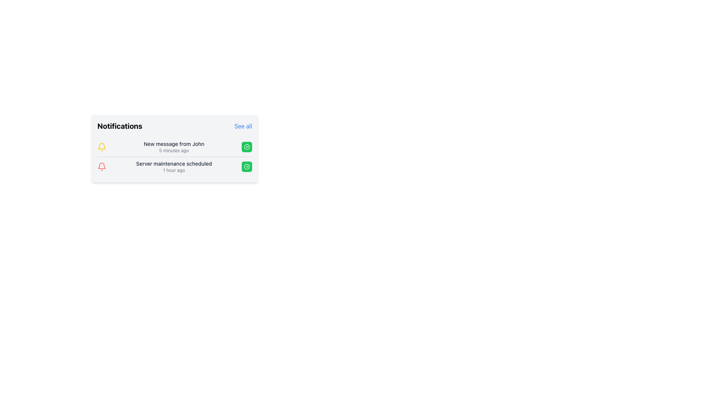  What do you see at coordinates (243, 126) in the screenshot?
I see `the 'See all' link, which is styled in blue and located at the top-right of the notification section, to observe style changes` at bounding box center [243, 126].